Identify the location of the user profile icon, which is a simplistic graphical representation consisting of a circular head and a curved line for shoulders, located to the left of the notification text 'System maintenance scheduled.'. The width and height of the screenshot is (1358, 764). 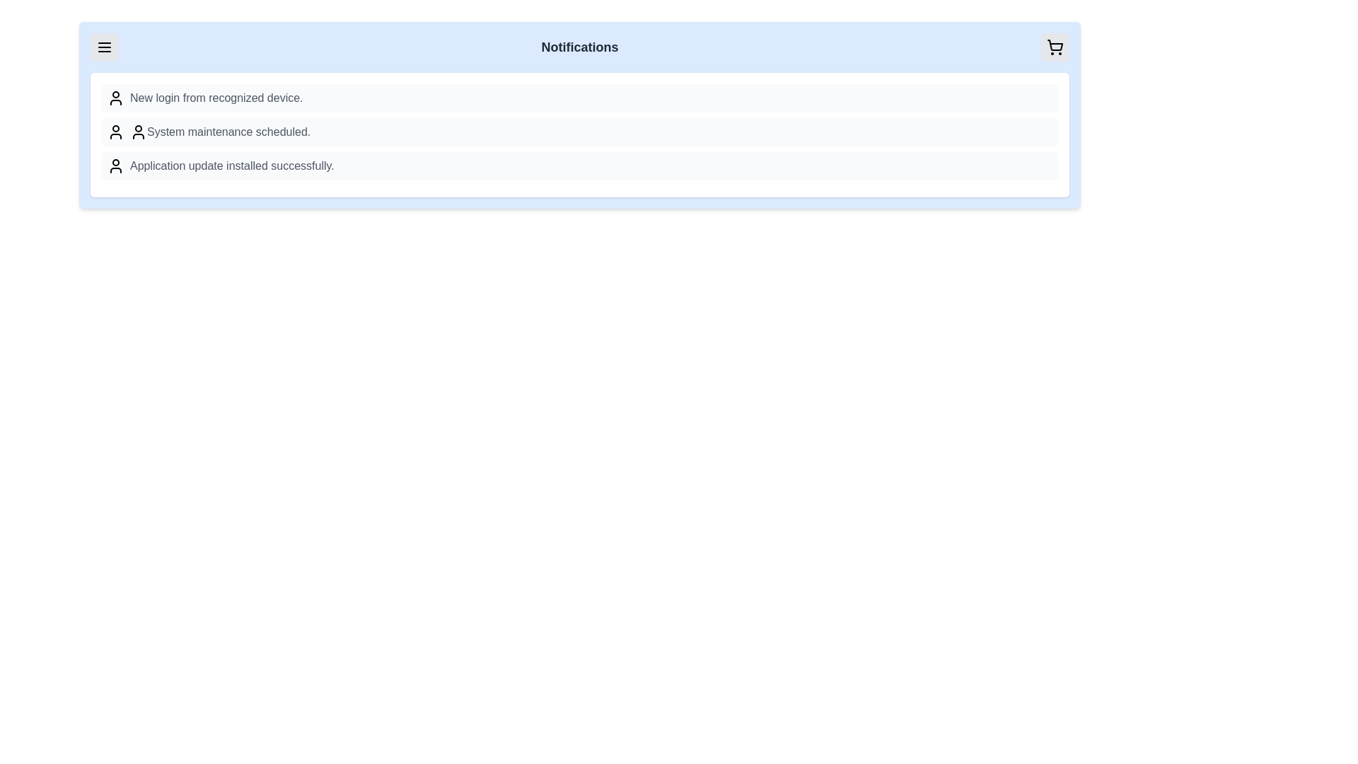
(139, 132).